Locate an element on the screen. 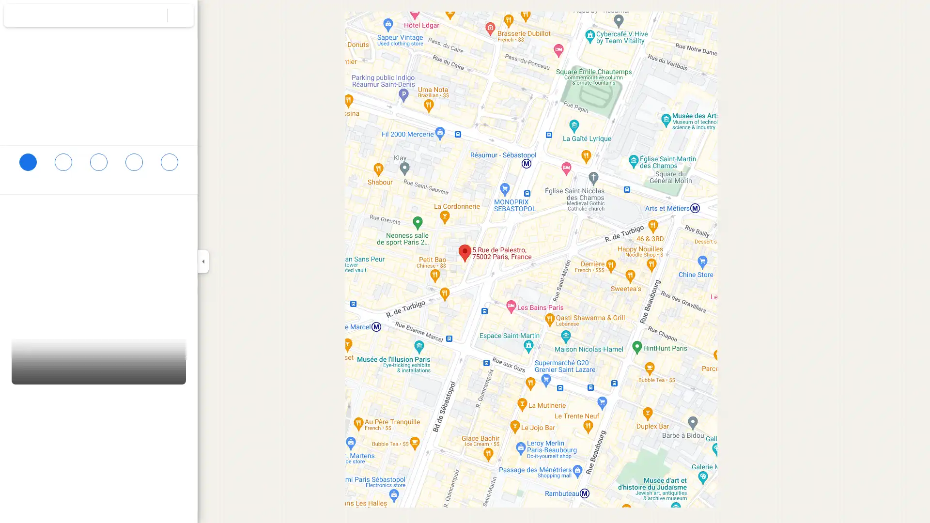 Image resolution: width=930 pixels, height=523 pixels. Street View is located at coordinates (99, 355).